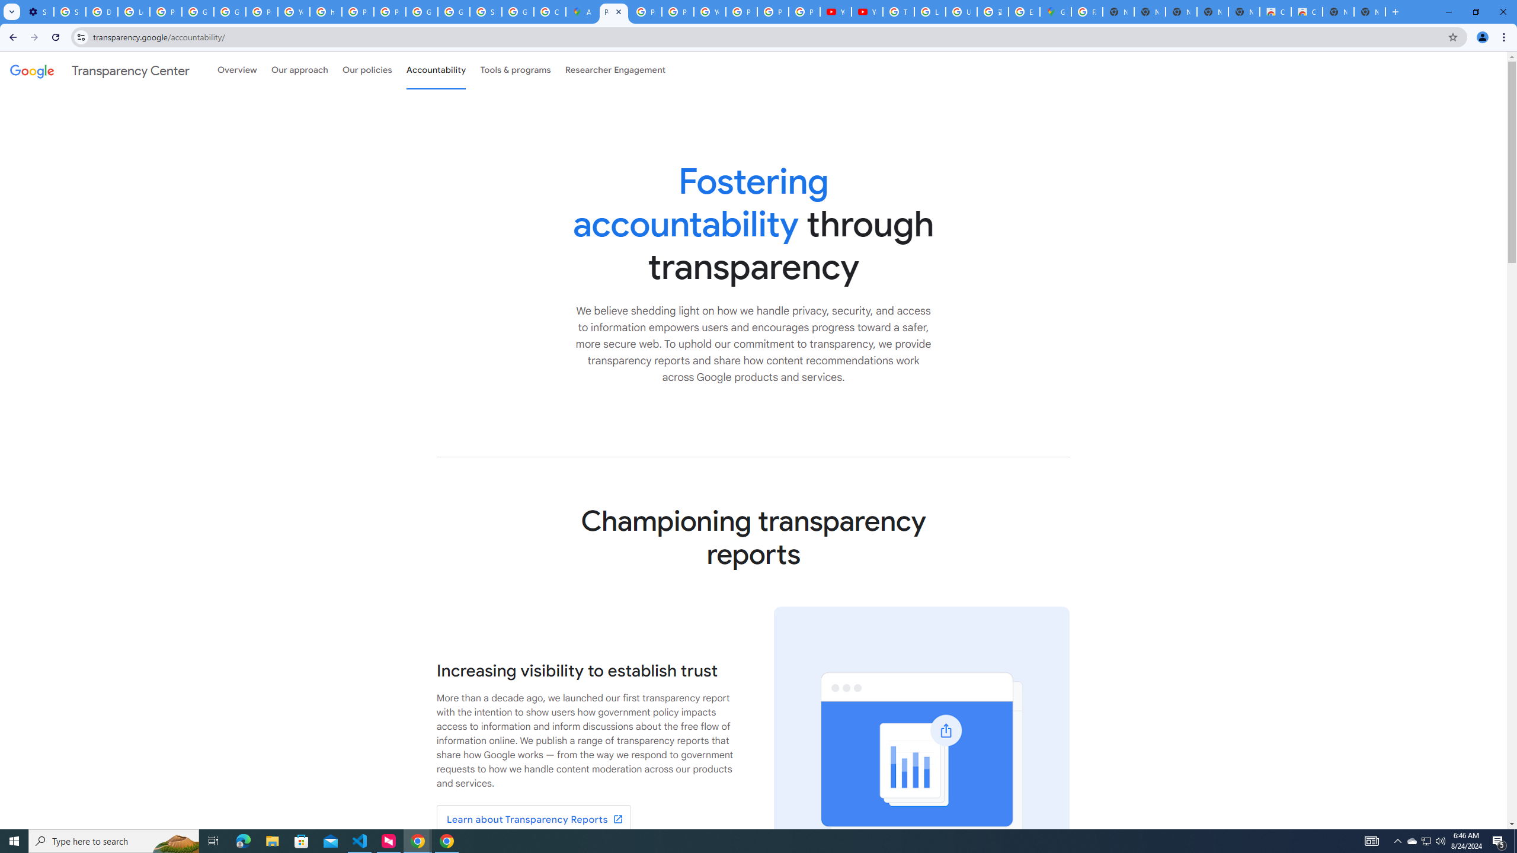 This screenshot has width=1517, height=853. What do you see at coordinates (1275, 11) in the screenshot?
I see `'Classic Blue - Chrome Web Store'` at bounding box center [1275, 11].